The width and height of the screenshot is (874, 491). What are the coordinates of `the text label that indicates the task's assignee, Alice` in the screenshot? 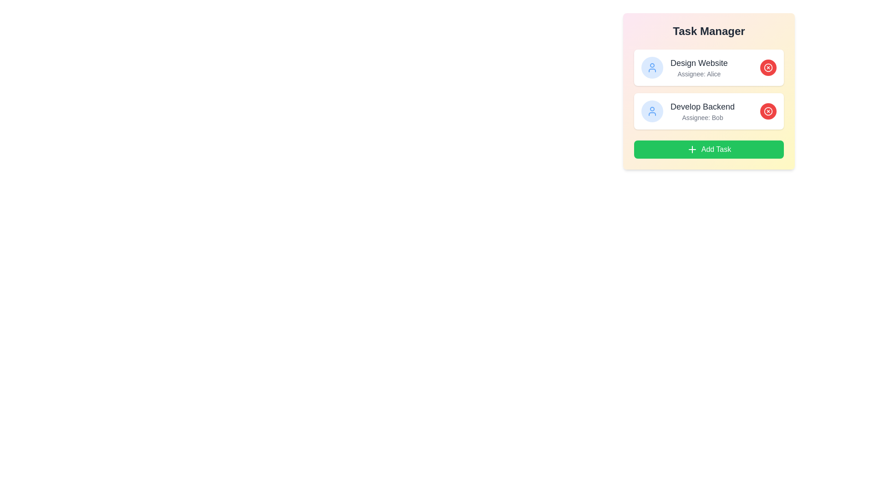 It's located at (698, 73).